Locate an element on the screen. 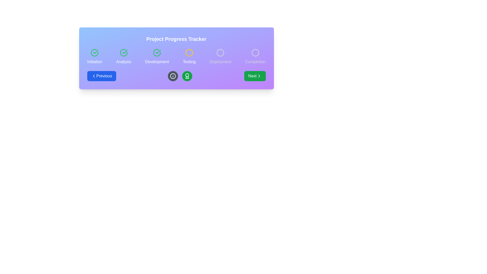 The image size is (487, 274). the central SVG circle graphic element within the trophy-like icon, which serves a decorative purpose in the project progress tracking interface is located at coordinates (187, 75).